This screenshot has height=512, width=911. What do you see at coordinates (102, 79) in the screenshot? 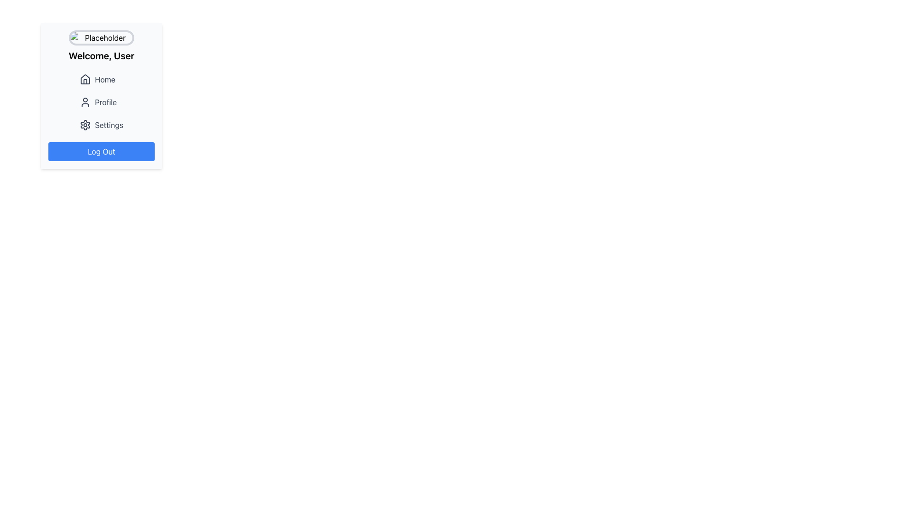
I see `the 'Home' button, which is the first item in the vertical menu list` at bounding box center [102, 79].